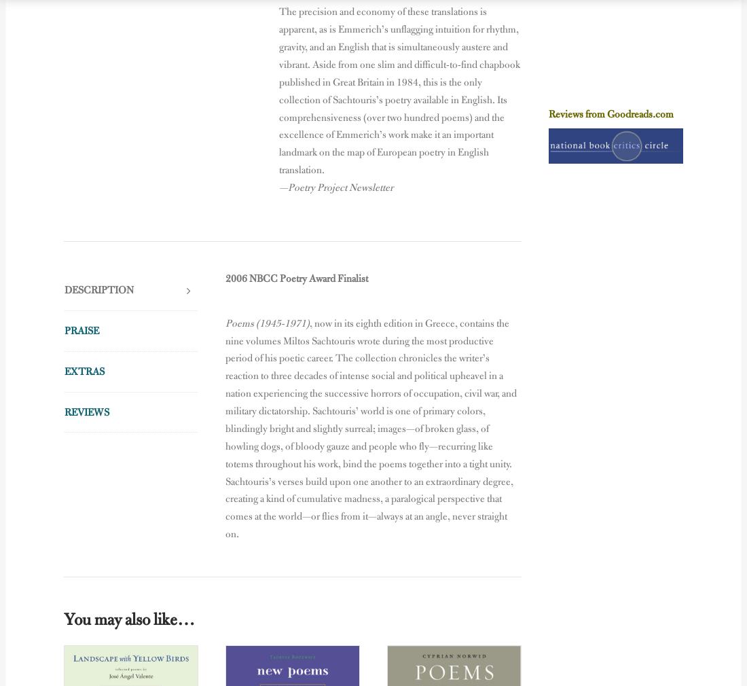 This screenshot has width=747, height=686. I want to click on 'The precision and economy of these translations is apparent, as is Emmerich’s unflagging intuition for rhythm, gravity, and an English that is simultaneously austere and vibrant. Aside from one slim and difficult-to-find chapbook published in Great Britain in 1984, this is the only collection of Sachtouris’s poetry available in English. Its comprehensiveness (over two hundred poems) and the excellence of Emmerich’s work make it an important landmark on the map of European poetry in English translation.', so click(399, 90).